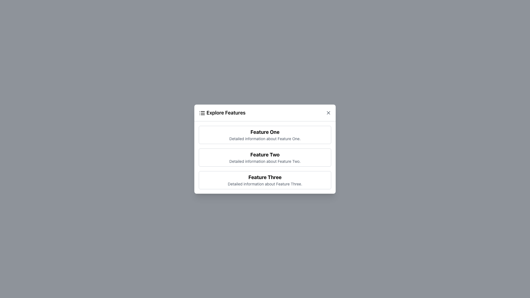 The height and width of the screenshot is (298, 530). What do you see at coordinates (265, 157) in the screenshot?
I see `the list item labeled 'Feature Two'` at bounding box center [265, 157].